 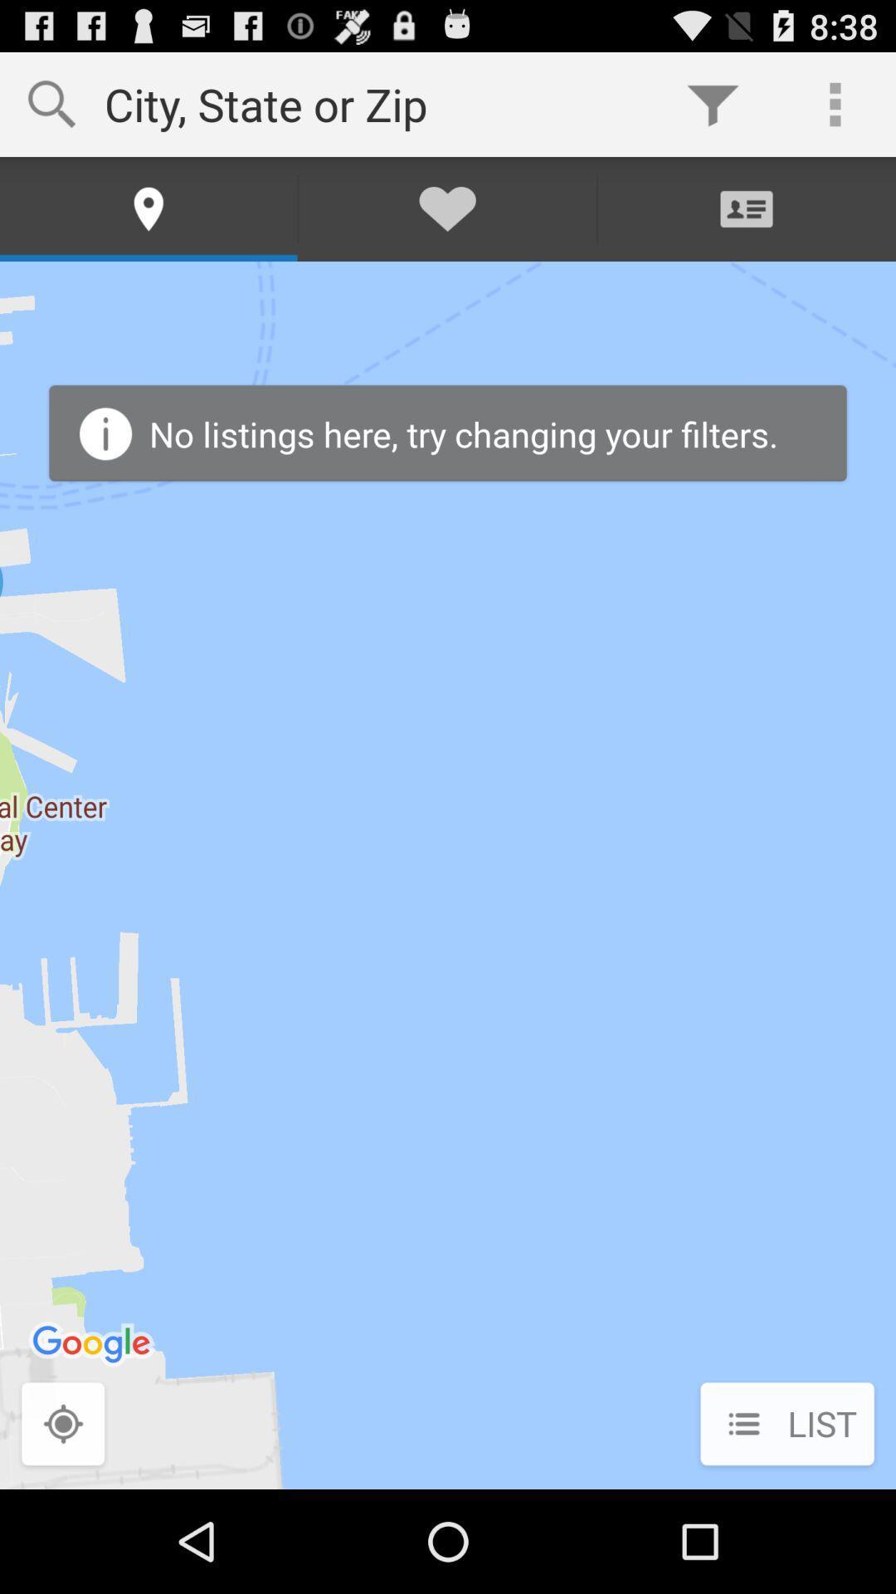 I want to click on the icon to the left of list icon, so click(x=62, y=1425).